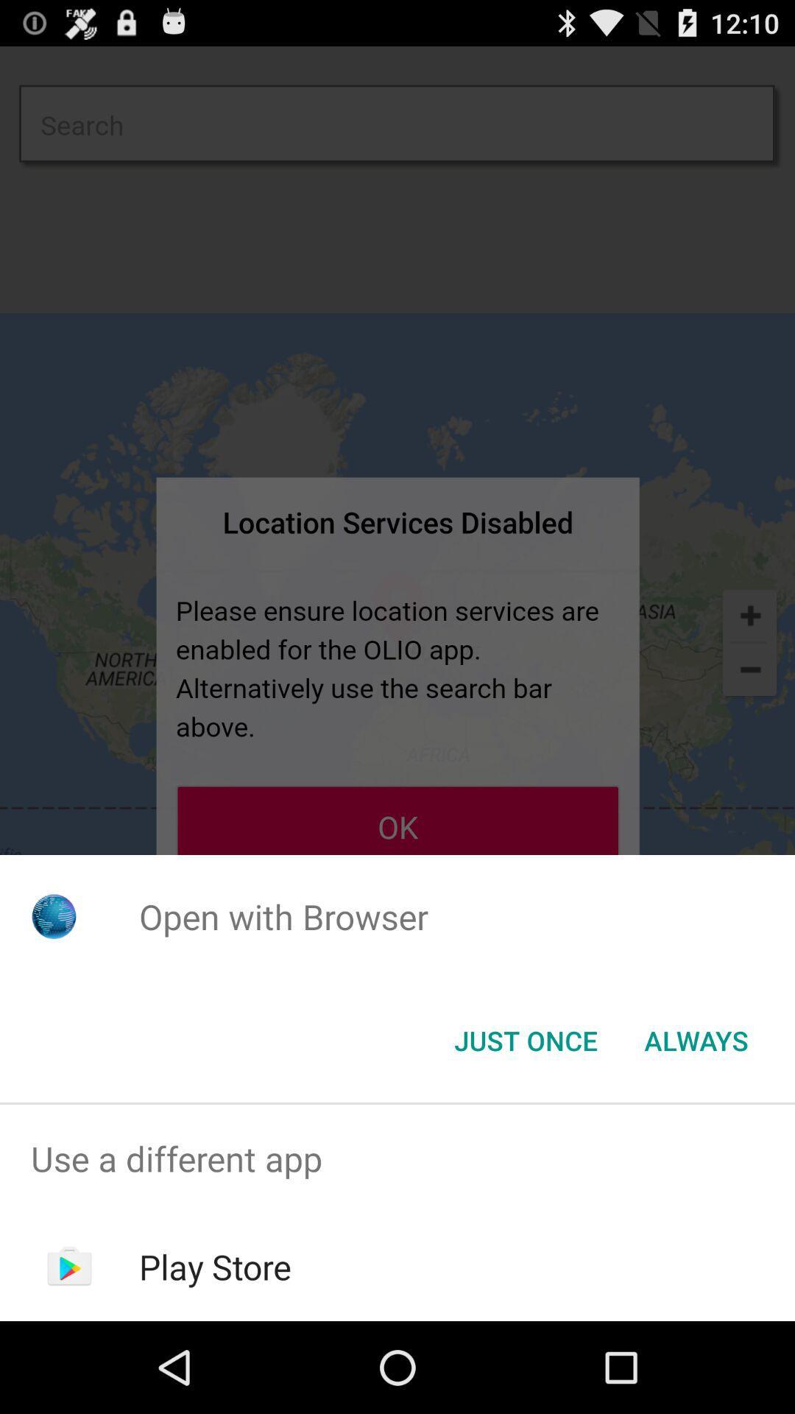 Image resolution: width=795 pixels, height=1414 pixels. What do you see at coordinates (525, 1039) in the screenshot?
I see `the app below open with browser icon` at bounding box center [525, 1039].